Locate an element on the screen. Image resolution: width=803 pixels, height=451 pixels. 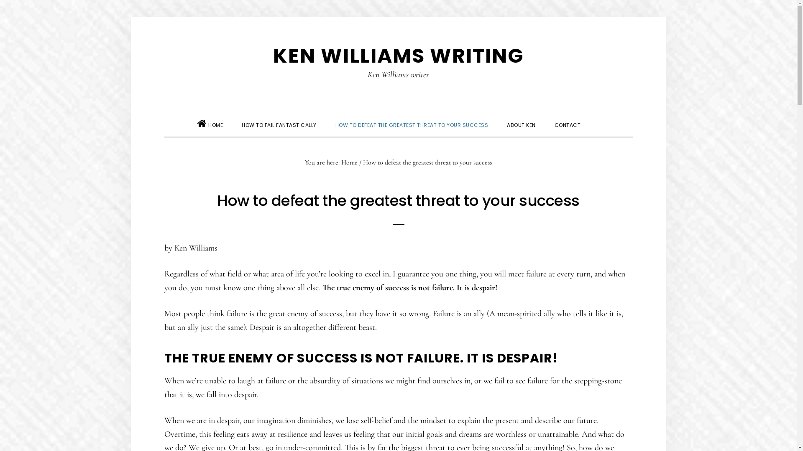
'KEN WILLIAMS WRITING' is located at coordinates (397, 56).